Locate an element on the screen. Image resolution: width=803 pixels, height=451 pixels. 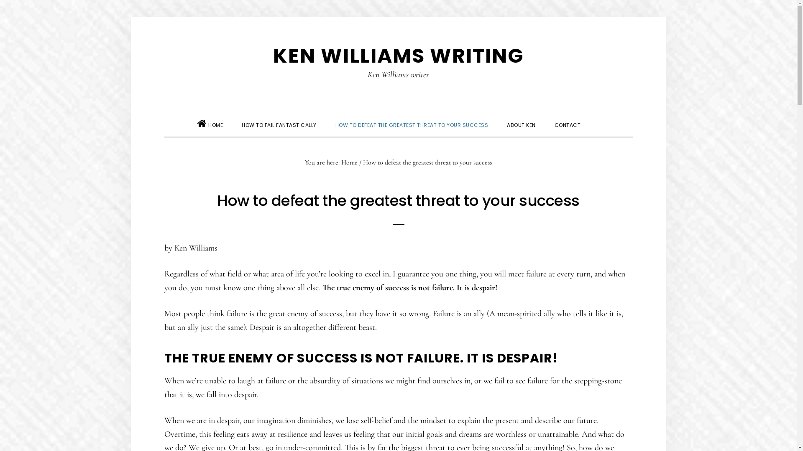
'KEN WILLIAMS WRITING' is located at coordinates (397, 56).